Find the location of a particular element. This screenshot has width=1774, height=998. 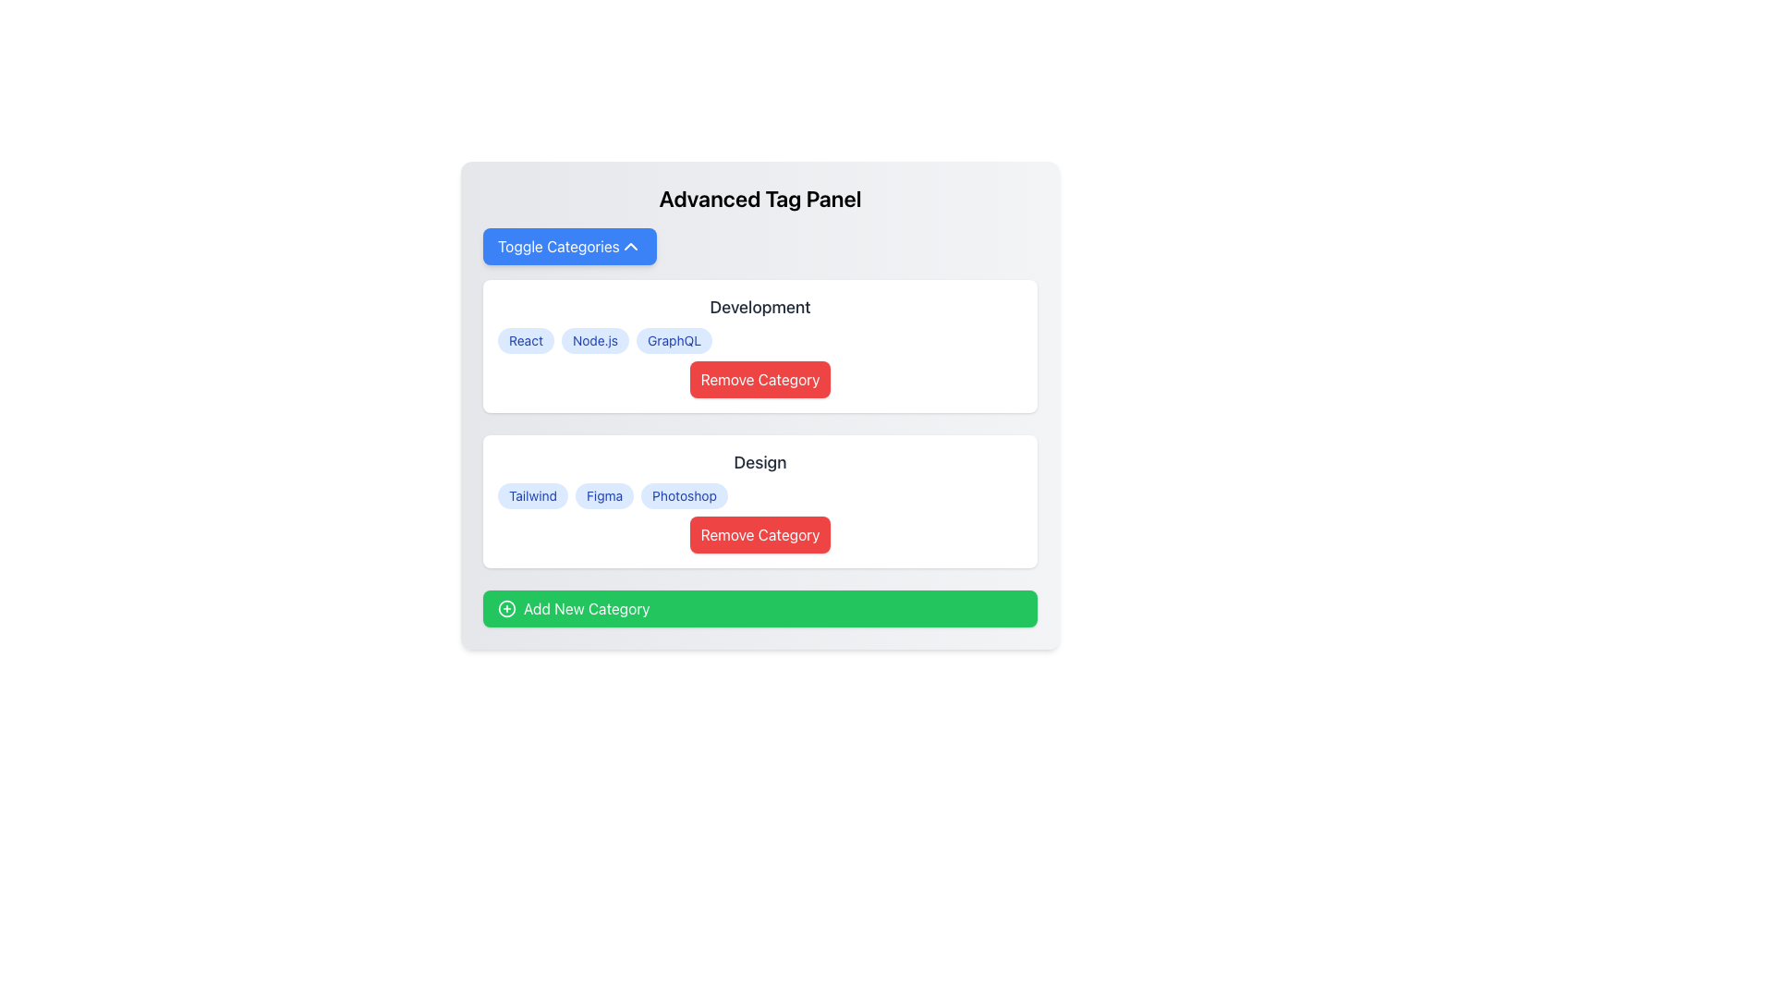

the circular 'add' icon inside the green button labeled 'Add New Category', located at the bottom of the interface is located at coordinates (506, 609).